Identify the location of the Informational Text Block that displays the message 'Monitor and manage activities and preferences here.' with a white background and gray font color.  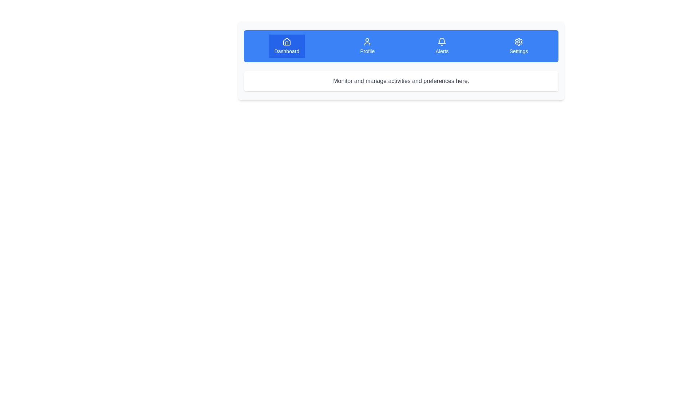
(401, 81).